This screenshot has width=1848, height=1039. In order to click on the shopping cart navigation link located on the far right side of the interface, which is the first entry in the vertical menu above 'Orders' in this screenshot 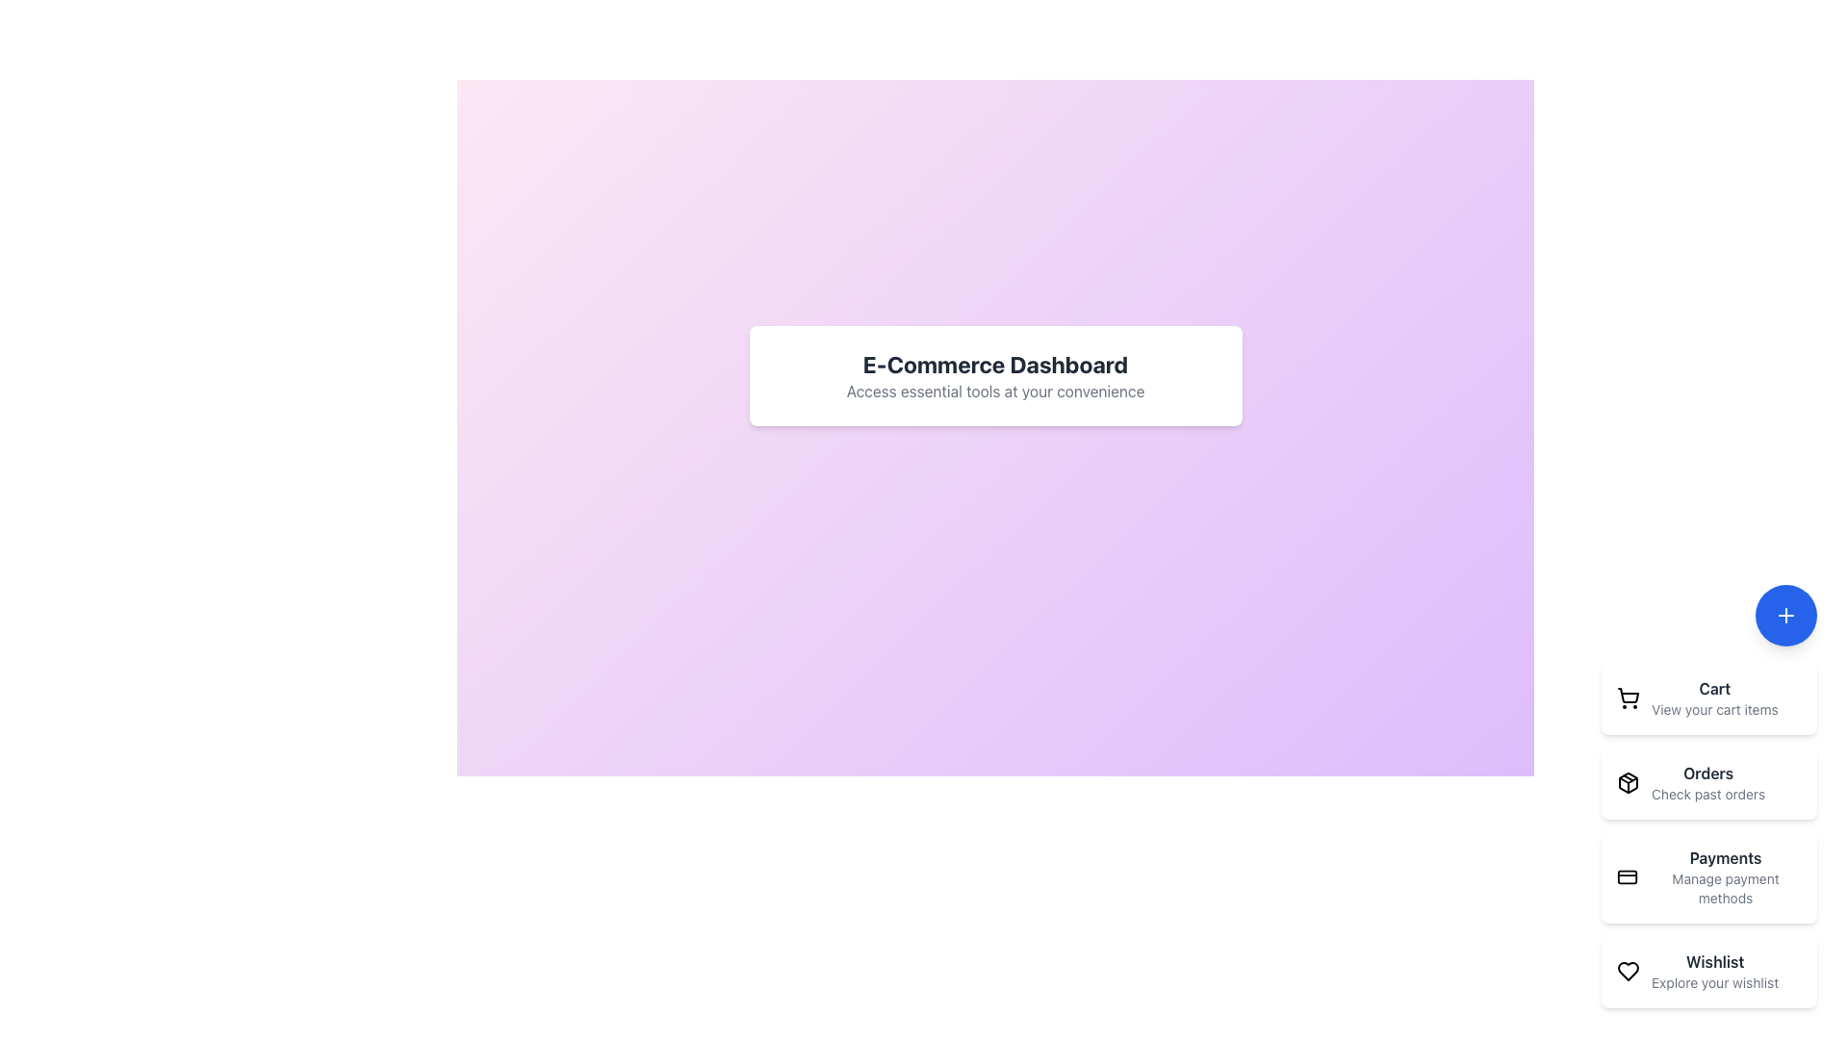, I will do `click(1714, 697)`.